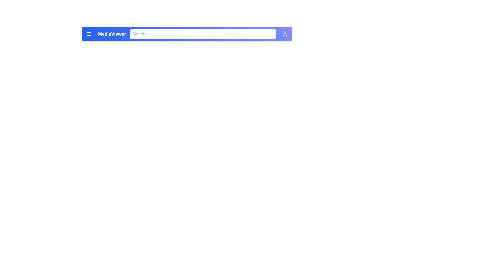 This screenshot has width=492, height=277. I want to click on the user profile silhouette button with a blue gradient background located on the far right of the header bar, so click(285, 34).